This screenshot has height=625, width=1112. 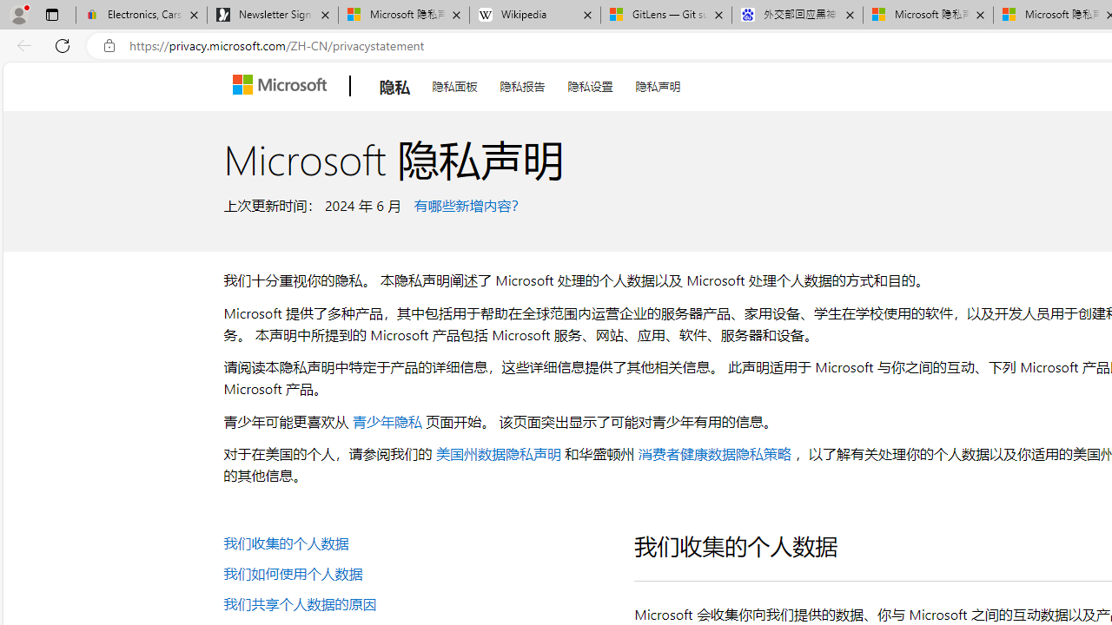 What do you see at coordinates (272, 15) in the screenshot?
I see `'Newsletter Sign Up'` at bounding box center [272, 15].